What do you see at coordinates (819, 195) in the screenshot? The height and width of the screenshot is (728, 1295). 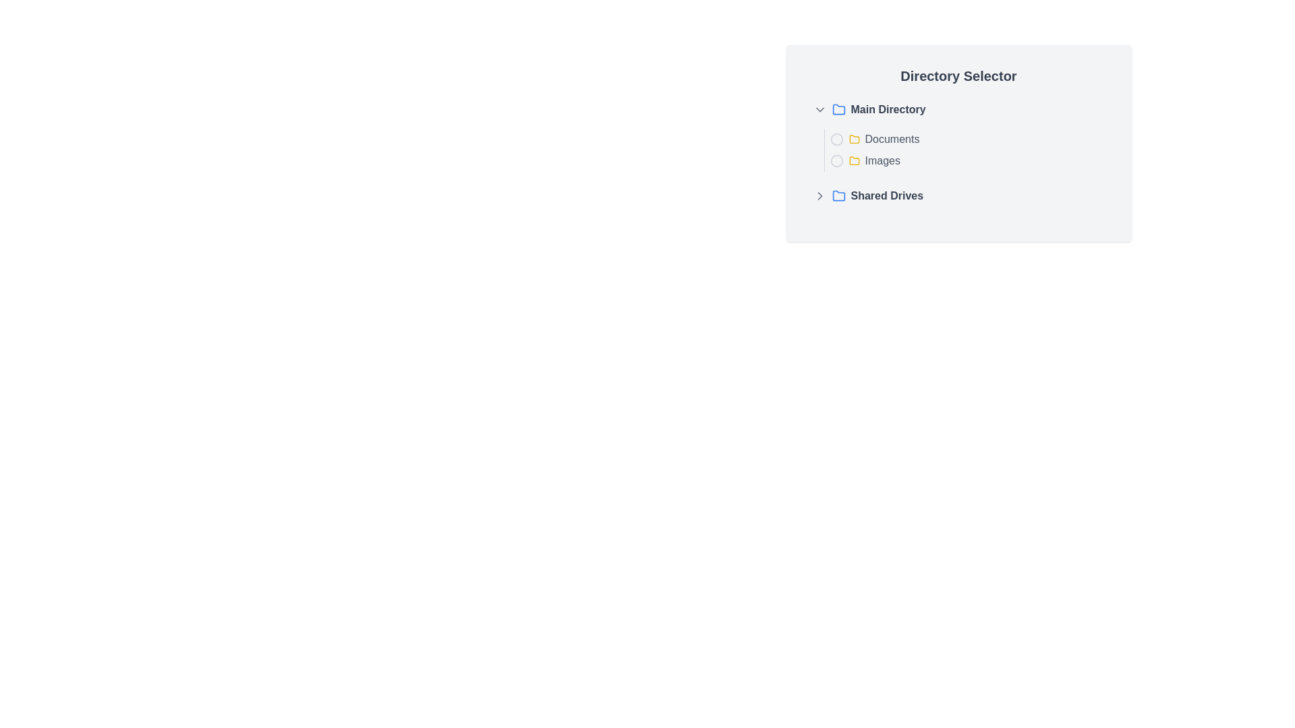 I see `the chevron icon located at the far left of the 'Shared Drives' row` at bounding box center [819, 195].